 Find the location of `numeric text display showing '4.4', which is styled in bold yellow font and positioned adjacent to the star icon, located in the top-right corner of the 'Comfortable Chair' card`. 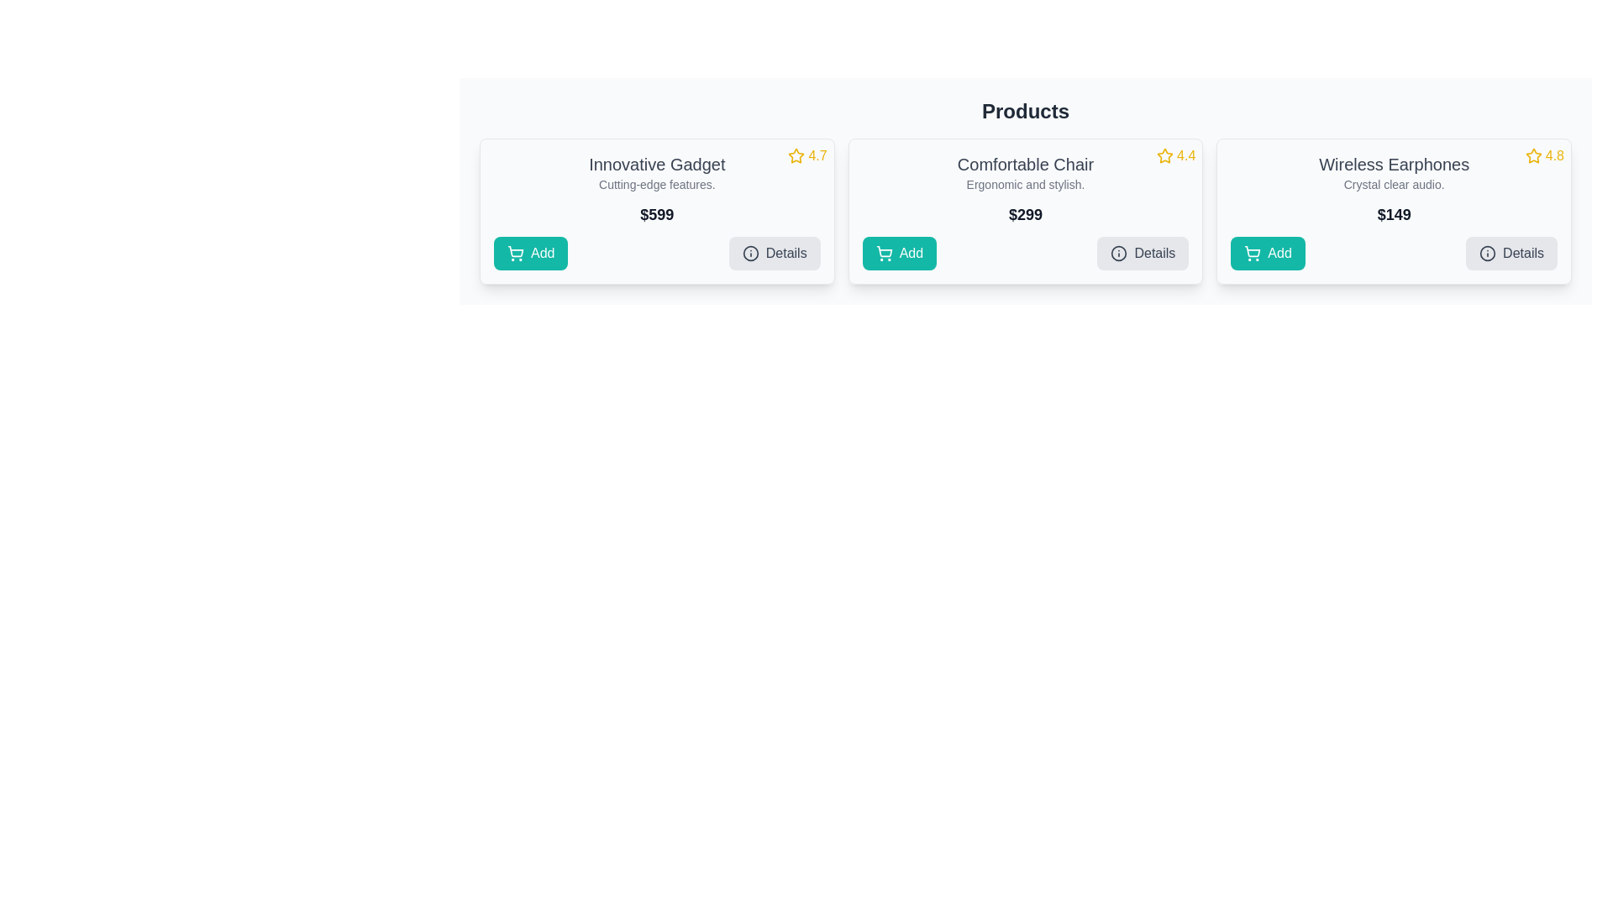

numeric text display showing '4.4', which is styled in bold yellow font and positioned adjacent to the star icon, located in the top-right corner of the 'Comfortable Chair' card is located at coordinates (1185, 155).